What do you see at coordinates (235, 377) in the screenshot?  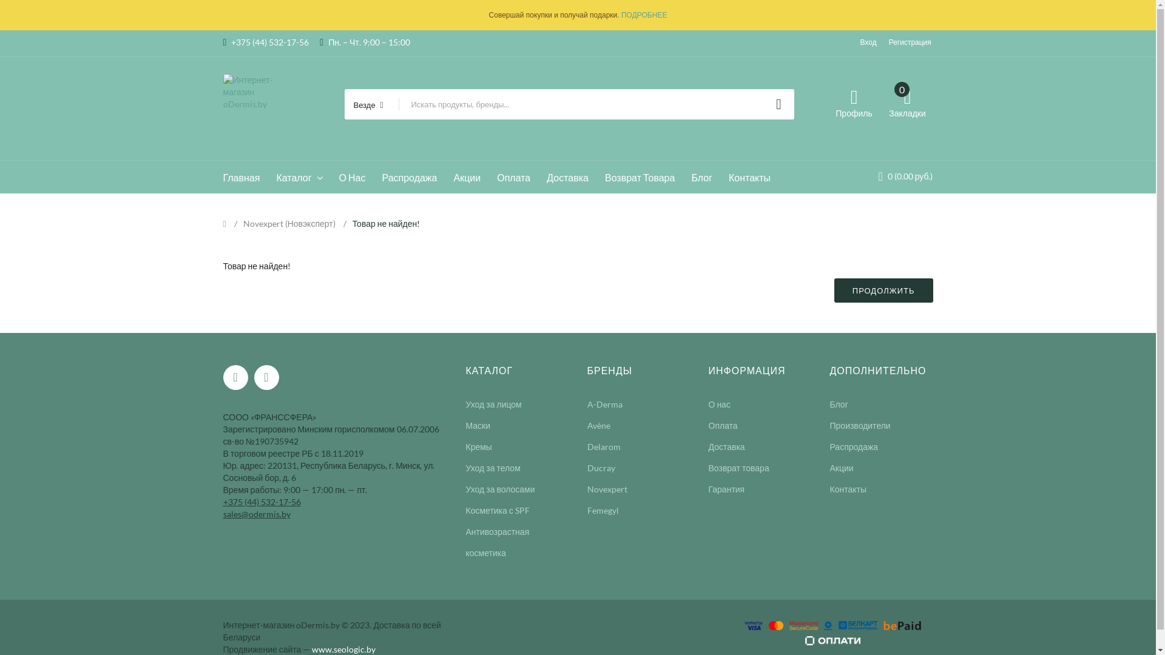 I see `'Facebook'` at bounding box center [235, 377].